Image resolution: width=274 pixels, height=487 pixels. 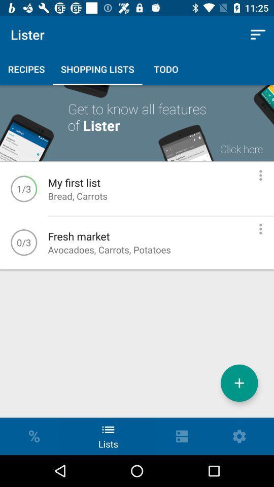 What do you see at coordinates (239, 382) in the screenshot?
I see `new list` at bounding box center [239, 382].